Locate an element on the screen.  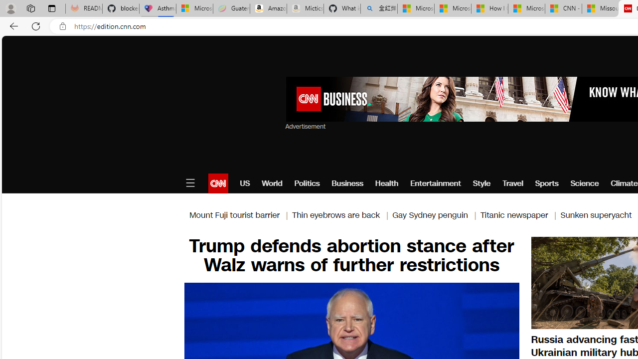
'Sports' is located at coordinates (546, 183).